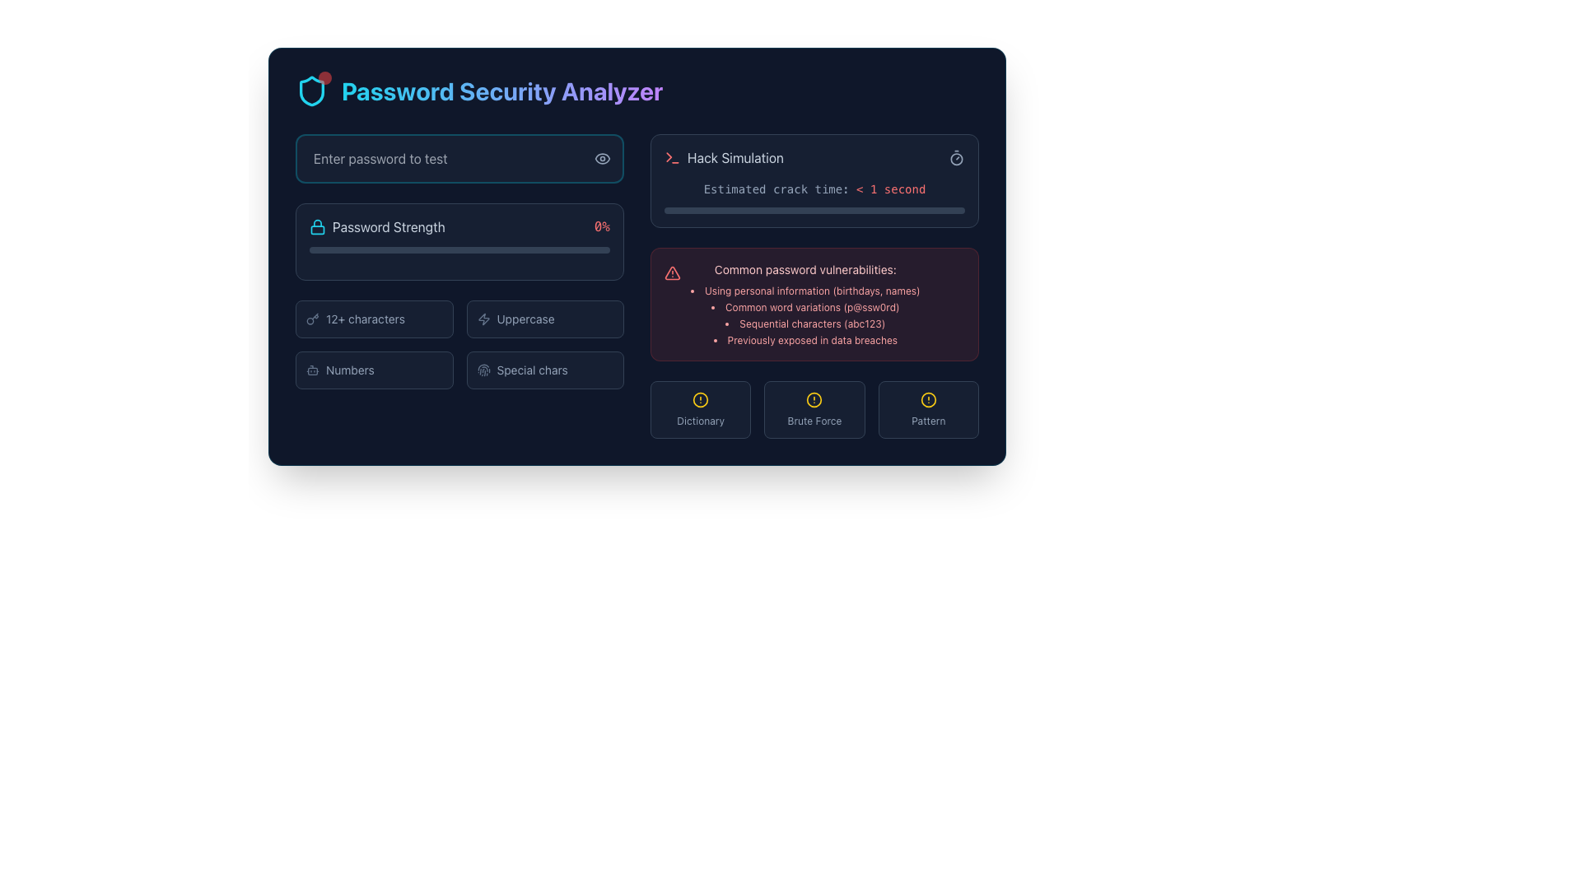  Describe the element at coordinates (928, 421) in the screenshot. I see `the label identifying the 'Pattern' feature, located in the bottom right corner of the user interface, below a red-bordered box and to the right of a yellow circular icon` at that location.